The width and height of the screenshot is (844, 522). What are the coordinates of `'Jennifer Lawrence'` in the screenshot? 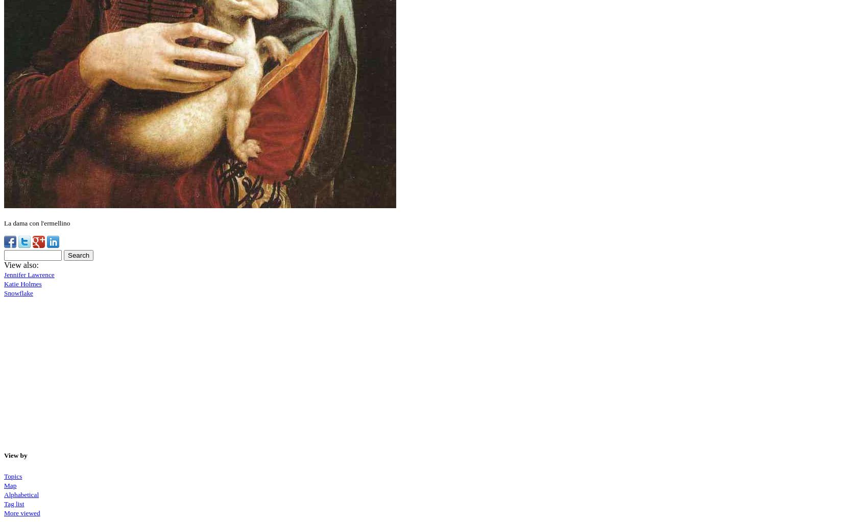 It's located at (29, 274).